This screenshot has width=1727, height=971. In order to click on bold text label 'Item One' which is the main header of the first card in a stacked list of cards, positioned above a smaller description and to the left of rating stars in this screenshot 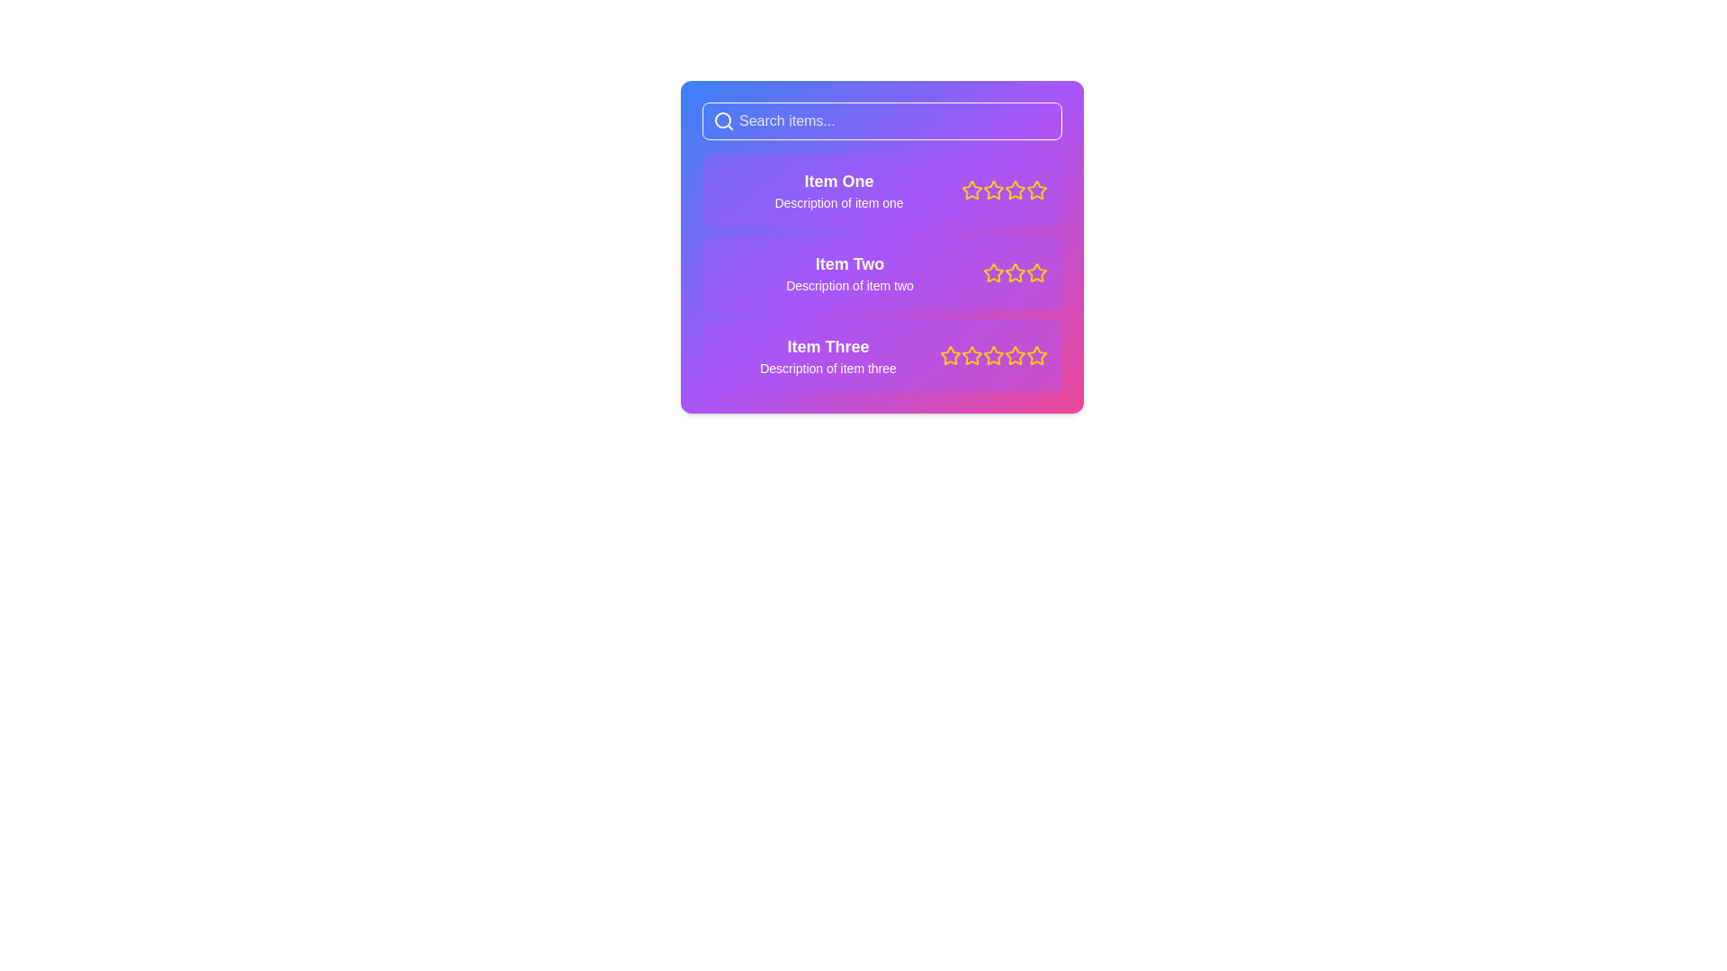, I will do `click(837, 181)`.